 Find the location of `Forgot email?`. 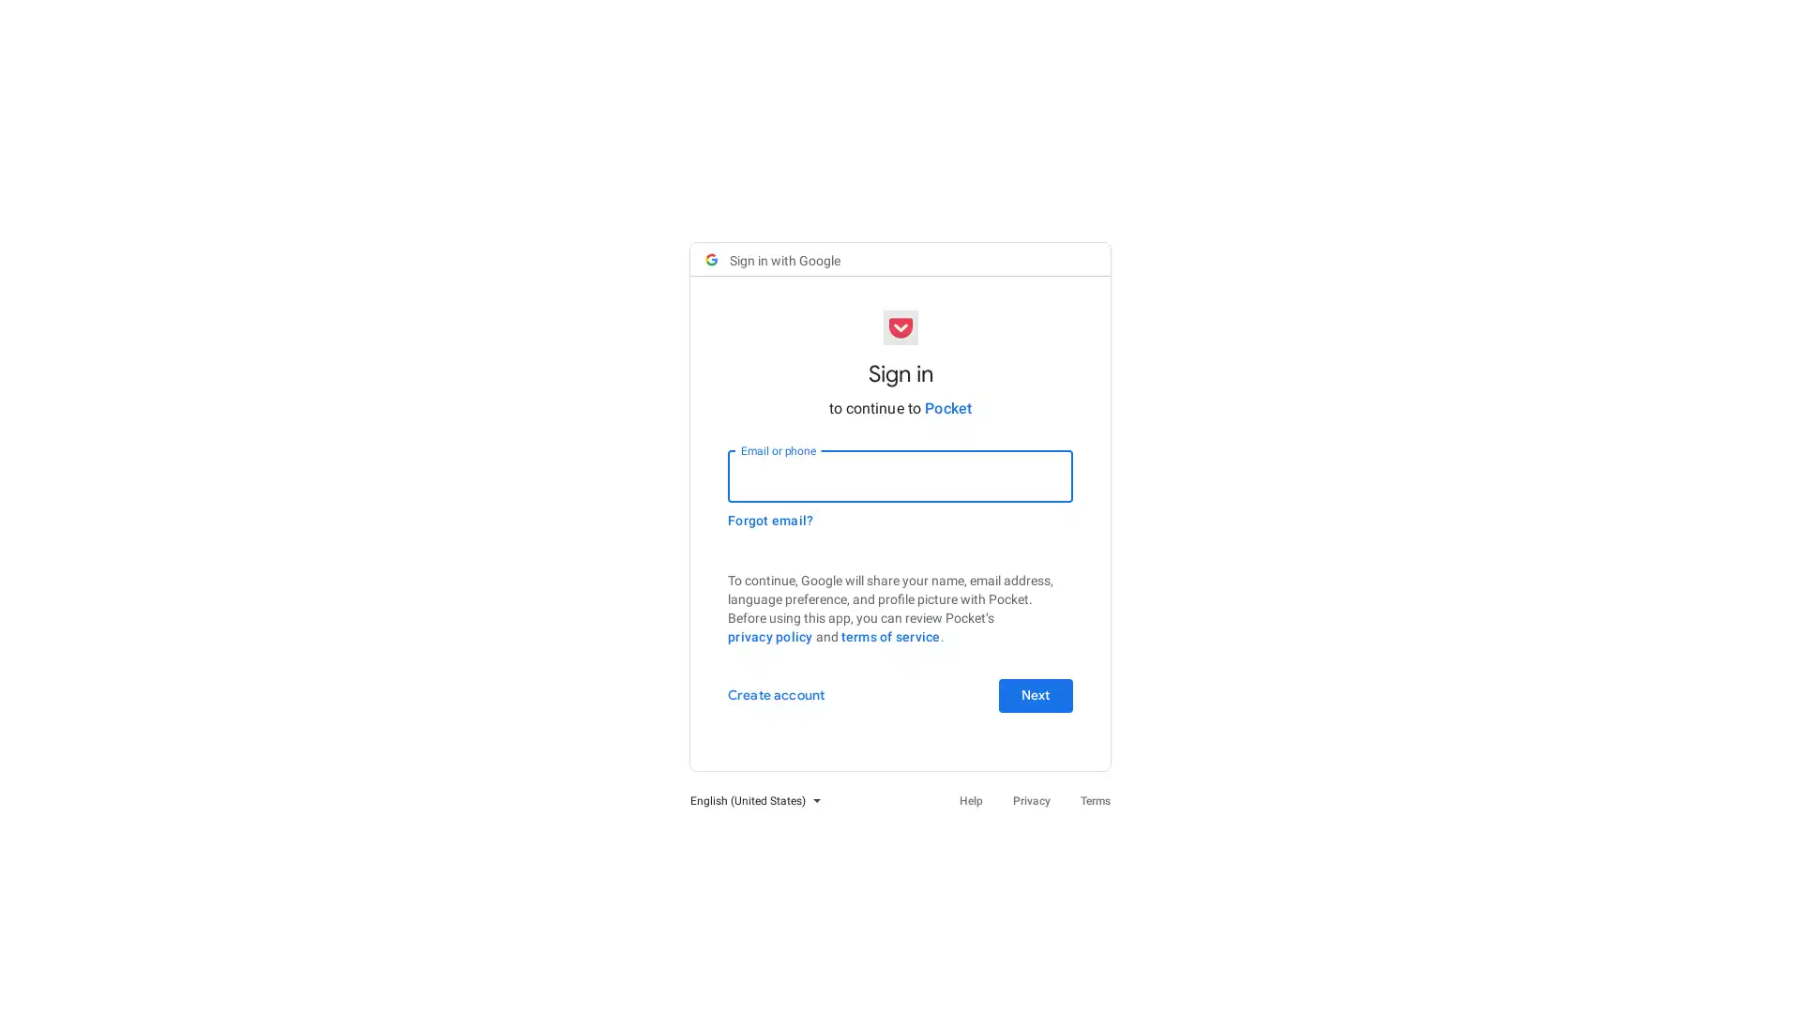

Forgot email? is located at coordinates (770, 520).